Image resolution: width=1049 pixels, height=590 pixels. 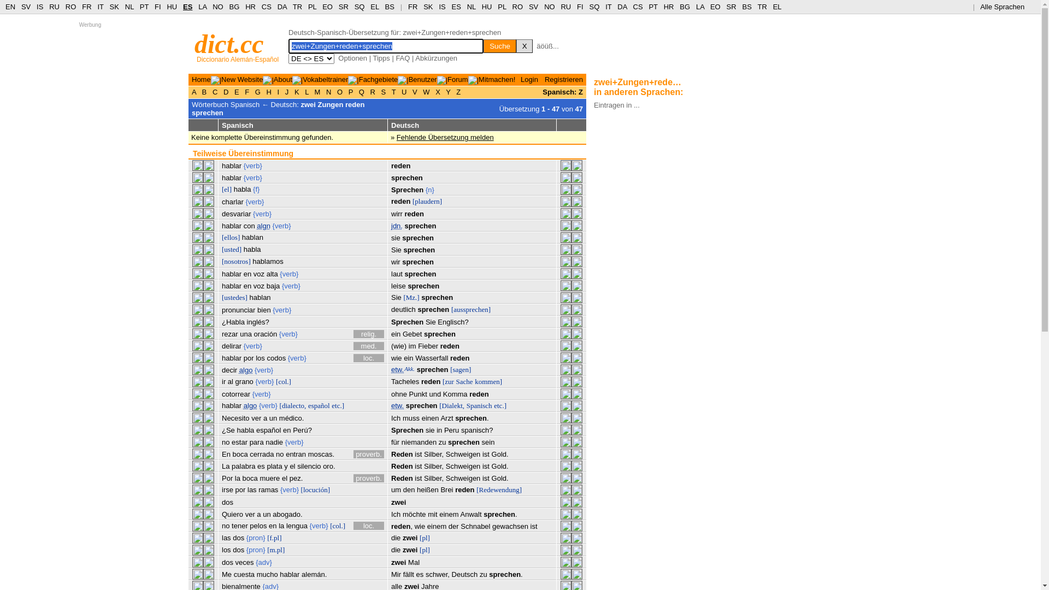 What do you see at coordinates (280, 405) in the screenshot?
I see `'[dialecto,'` at bounding box center [280, 405].